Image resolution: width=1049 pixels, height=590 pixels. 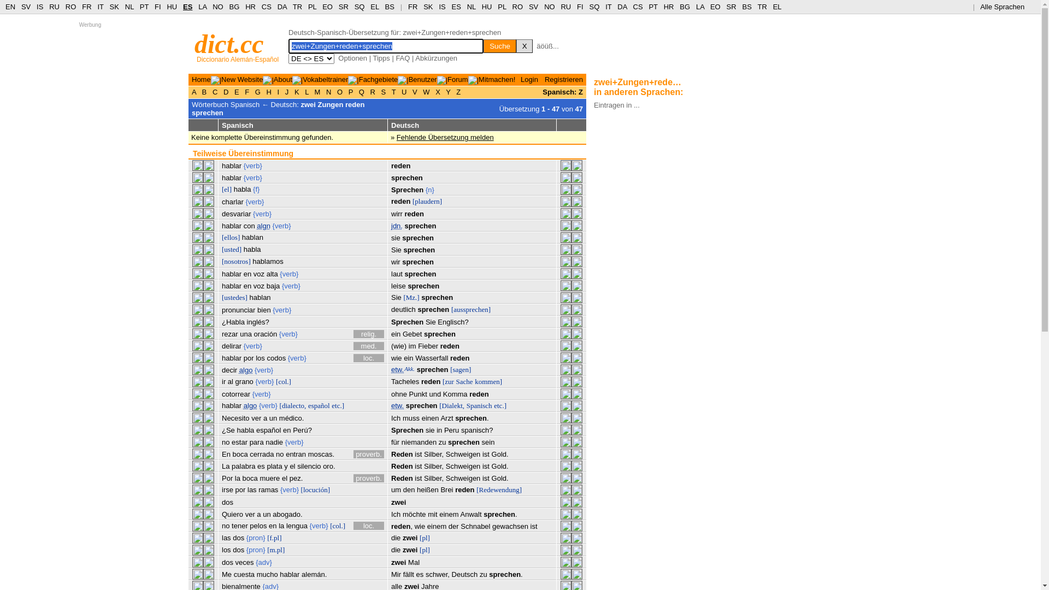 What do you see at coordinates (280, 405) in the screenshot?
I see `'[dialecto,'` at bounding box center [280, 405].